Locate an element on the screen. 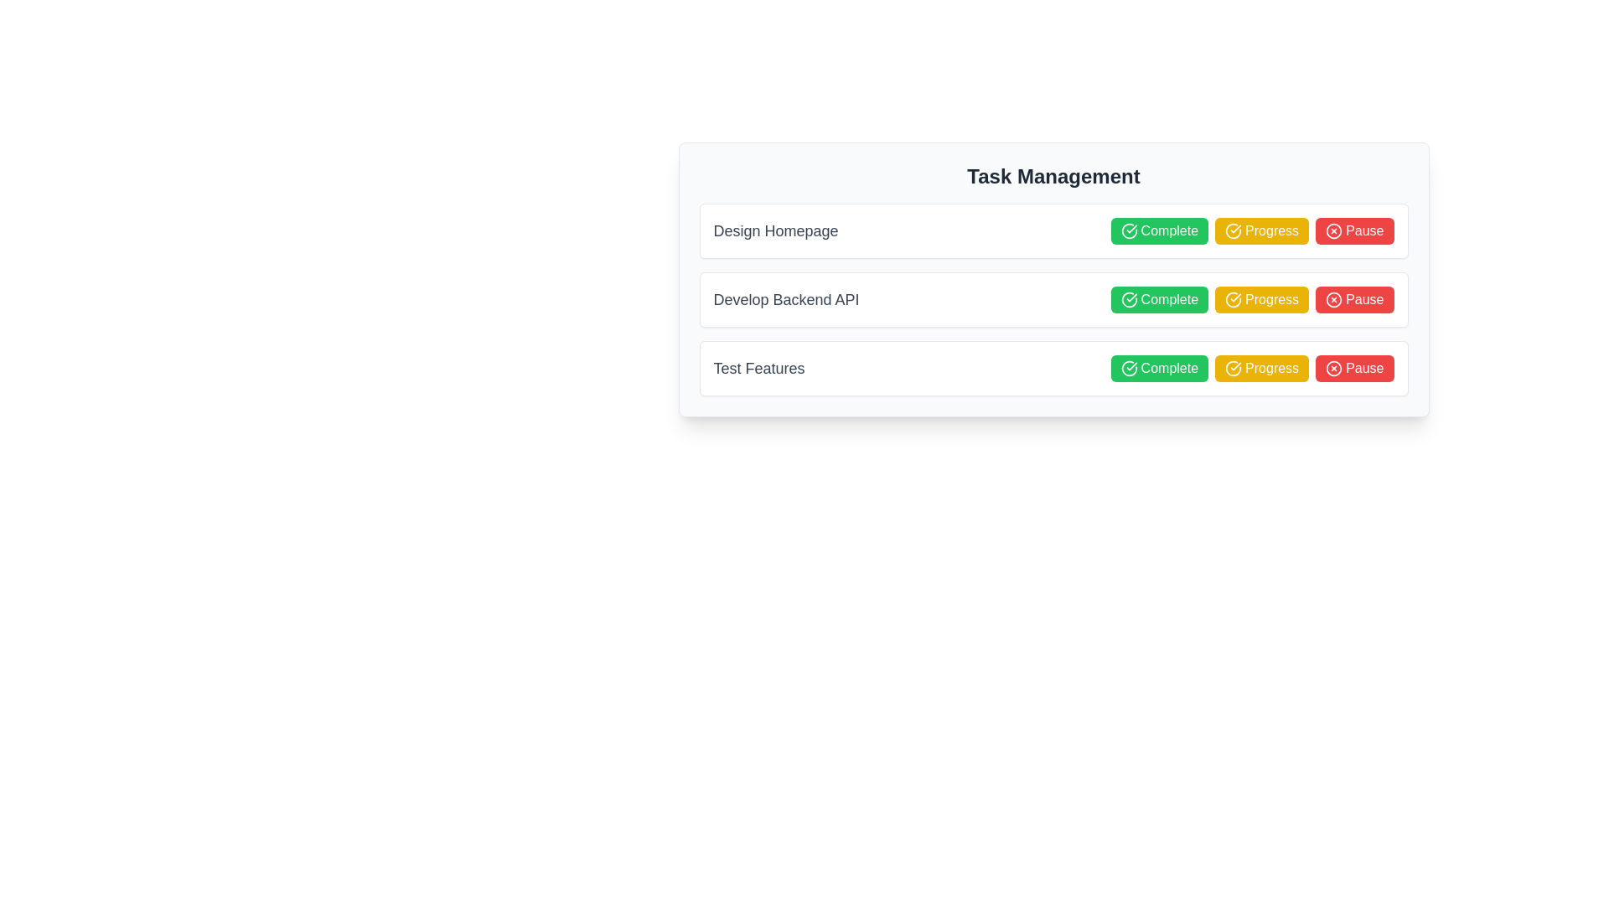 The width and height of the screenshot is (1609, 905). the 'X' icon with a red background inside the 'Pause' button in the third row of the task management table is located at coordinates (1333, 367).